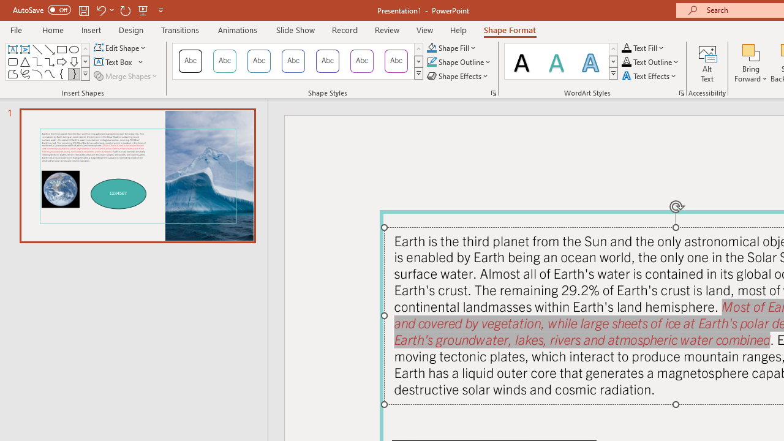  I want to click on 'From Beginning', so click(143, 10).